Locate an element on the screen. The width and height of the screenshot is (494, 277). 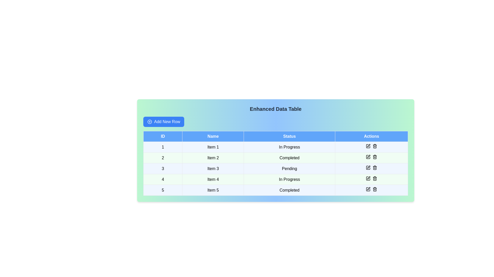
the pen icon button in the second row, fourth column of the 'Enhanced Data Table' is located at coordinates (368, 157).